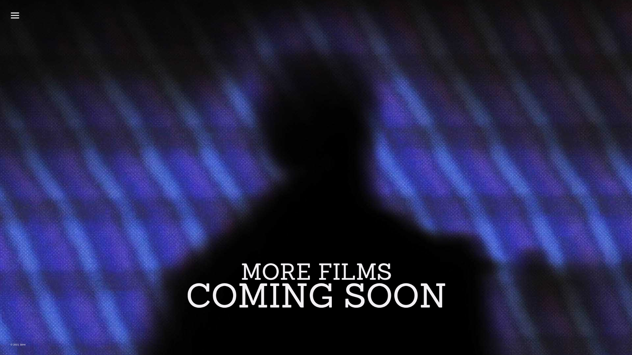 This screenshot has height=355, width=632. I want to click on 'menu', so click(14, 15).